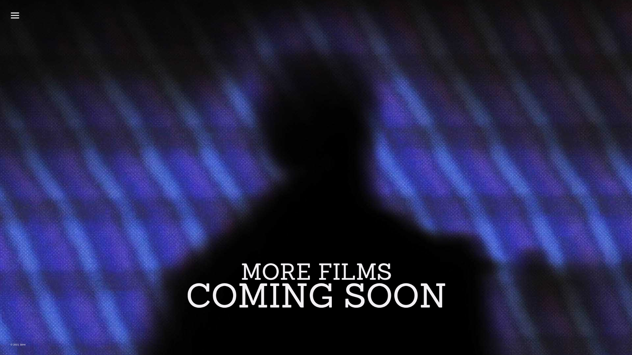 This screenshot has height=355, width=632. I want to click on 'menu', so click(14, 15).